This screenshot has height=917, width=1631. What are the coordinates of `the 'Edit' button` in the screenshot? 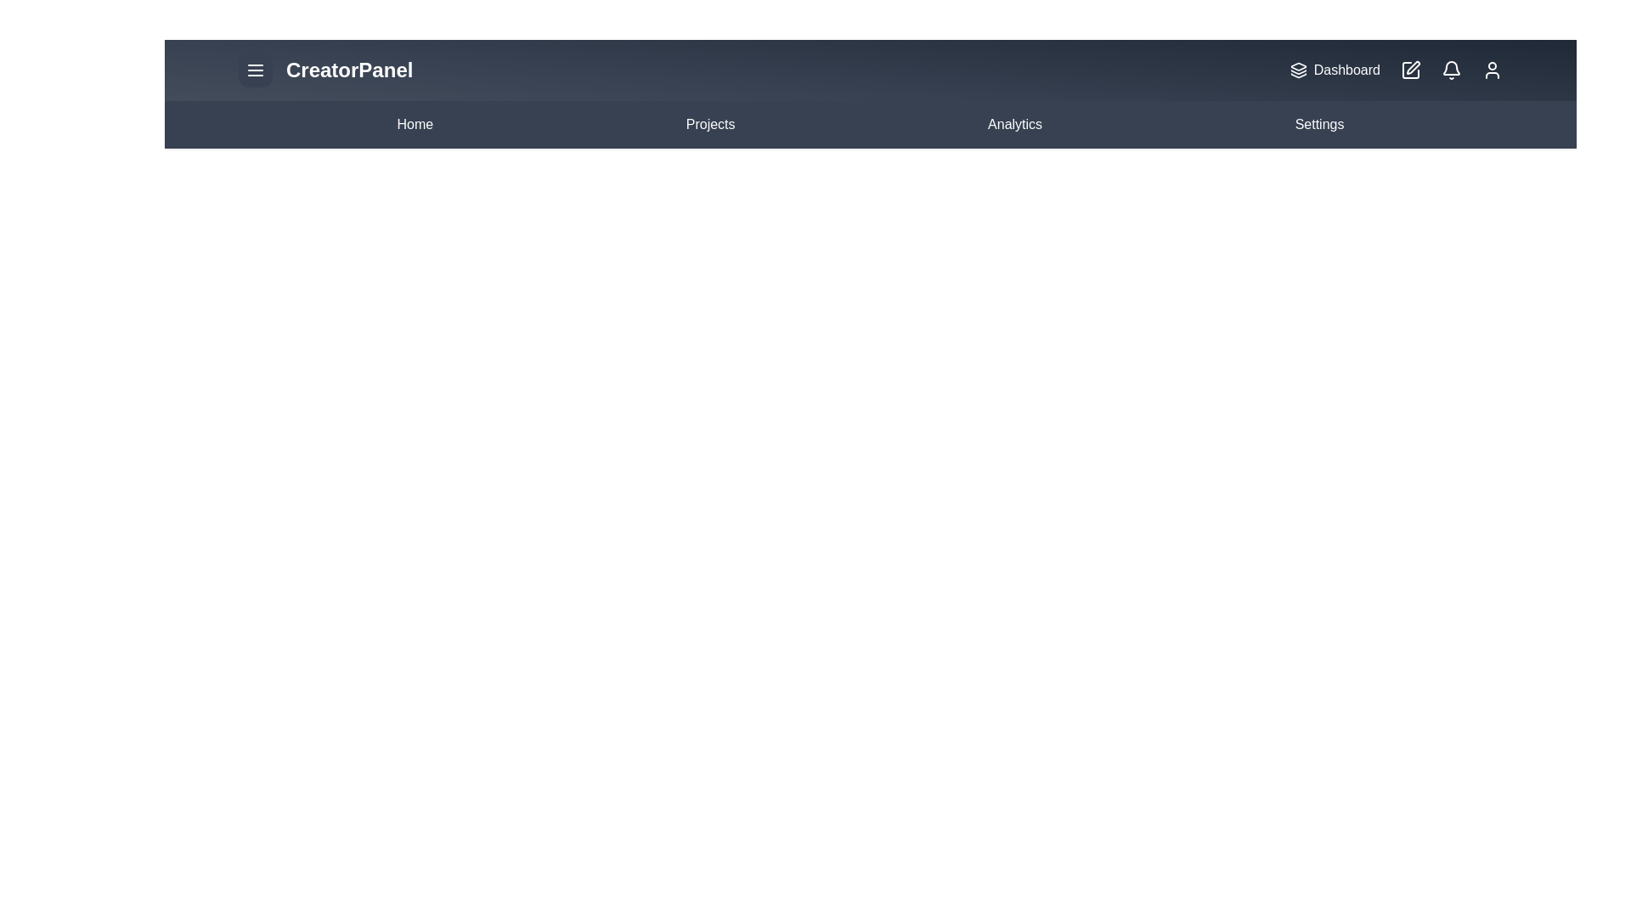 It's located at (1410, 70).